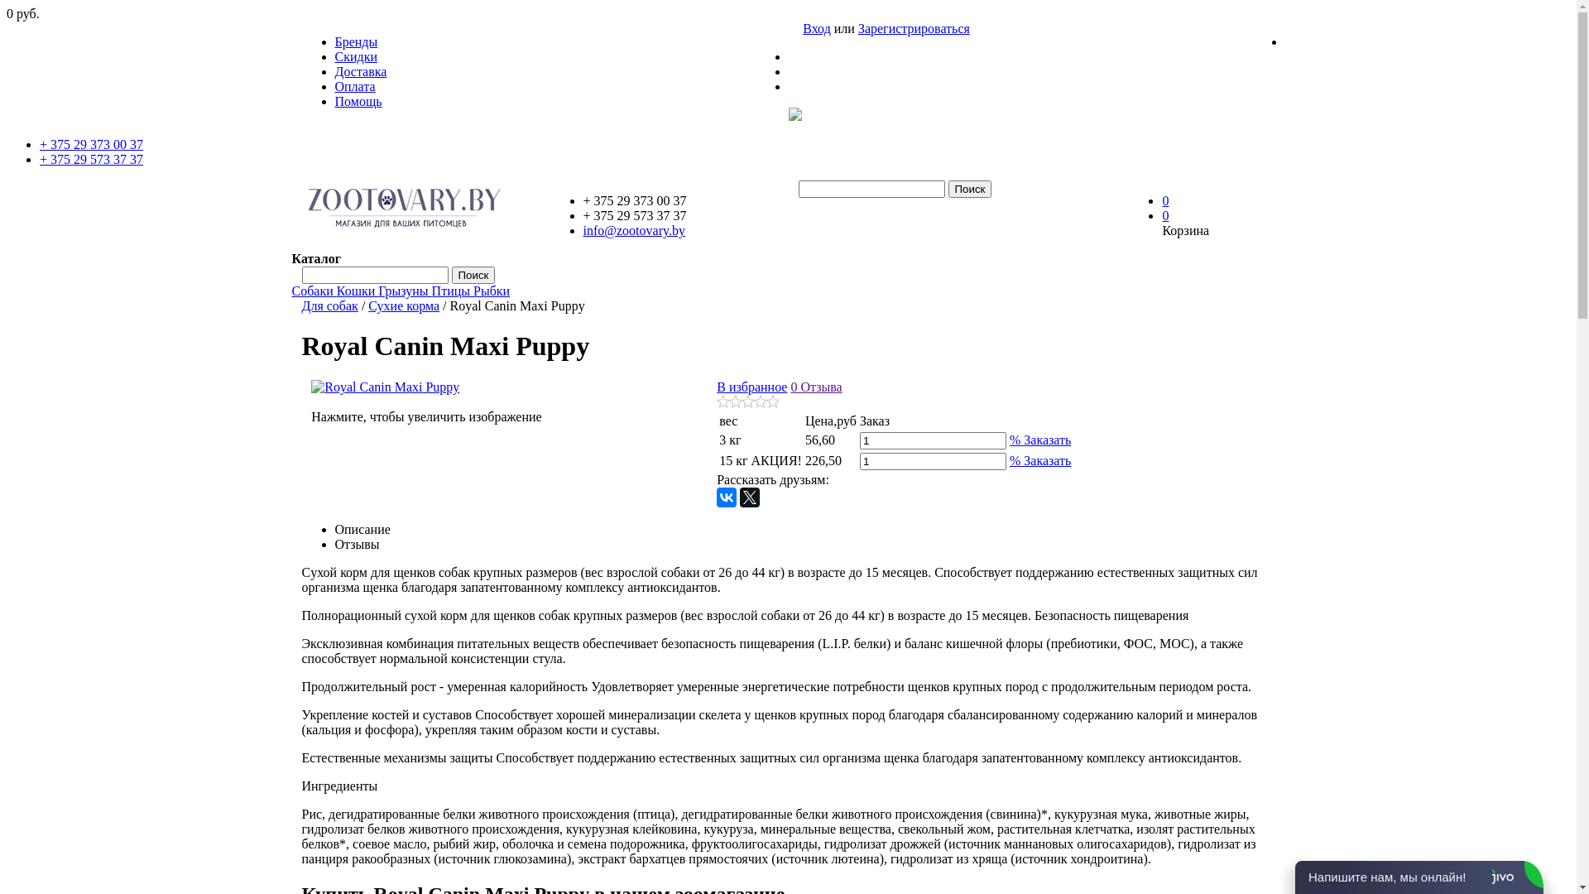 The width and height of the screenshot is (1589, 894). I want to click on 'Twitter', so click(749, 497).